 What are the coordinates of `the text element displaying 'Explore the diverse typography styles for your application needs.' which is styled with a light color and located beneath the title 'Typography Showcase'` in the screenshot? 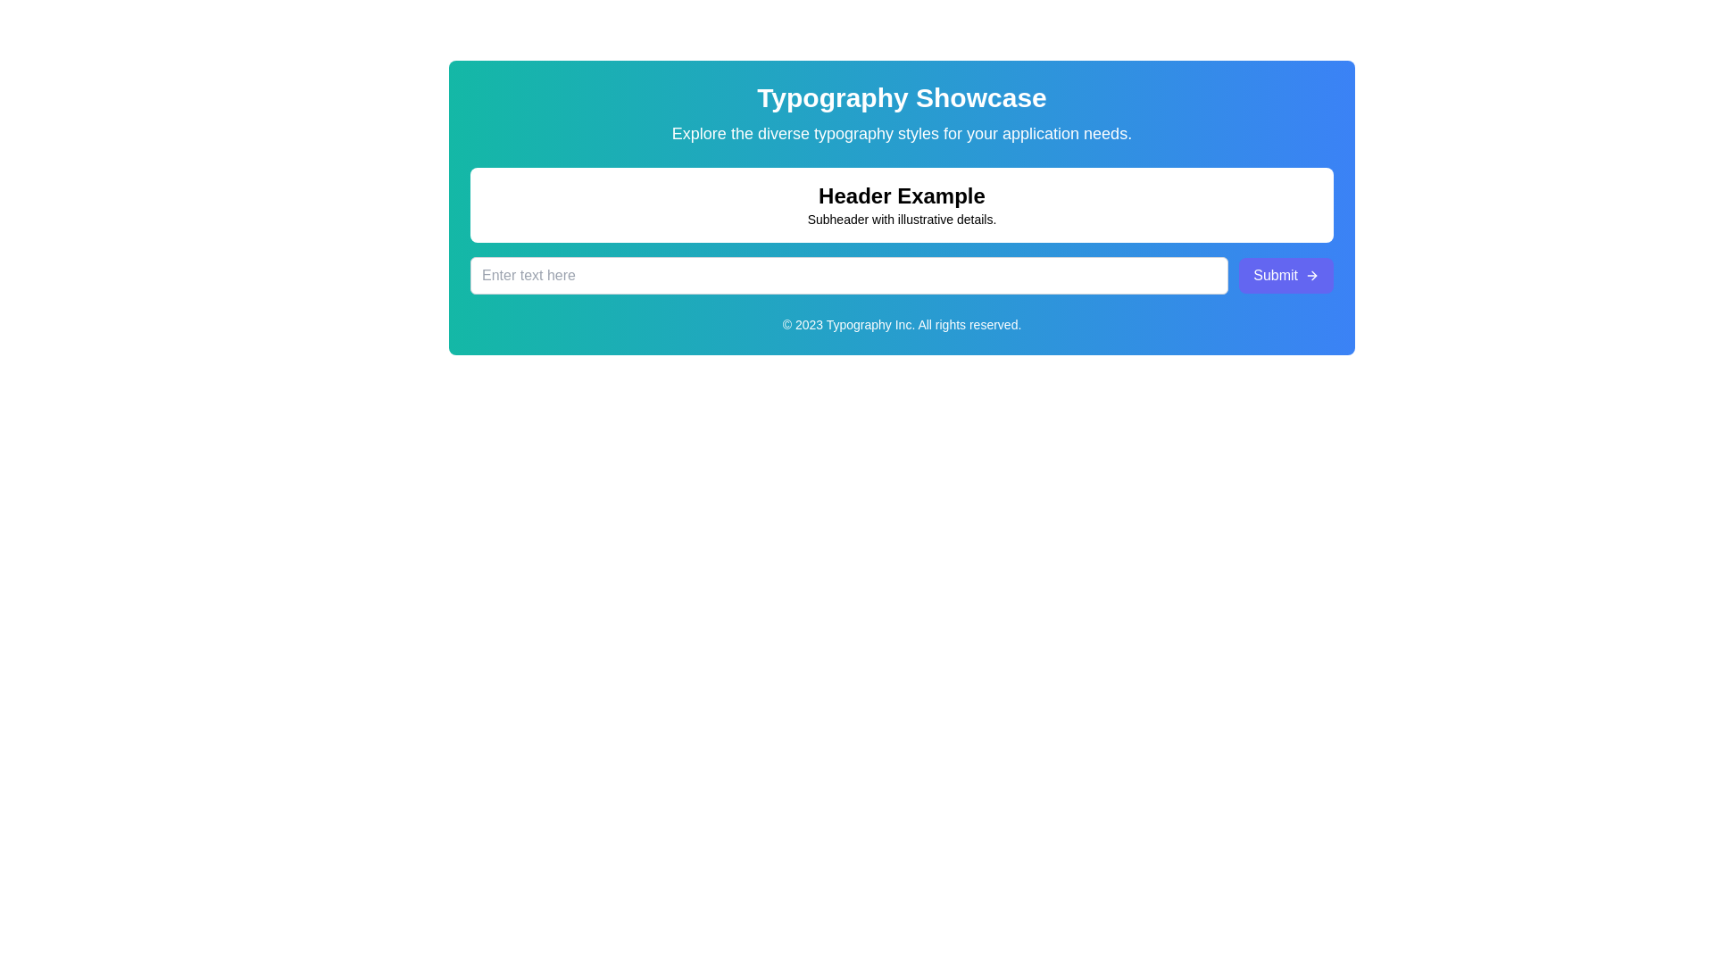 It's located at (902, 133).